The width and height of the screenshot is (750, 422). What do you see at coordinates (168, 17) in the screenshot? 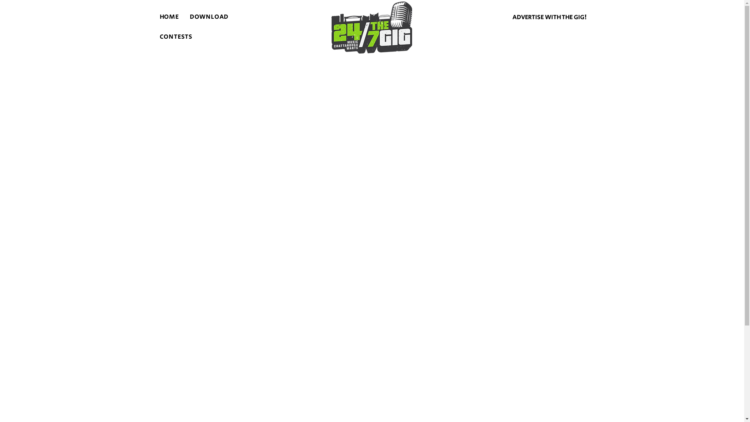
I see `'HOME'` at bounding box center [168, 17].